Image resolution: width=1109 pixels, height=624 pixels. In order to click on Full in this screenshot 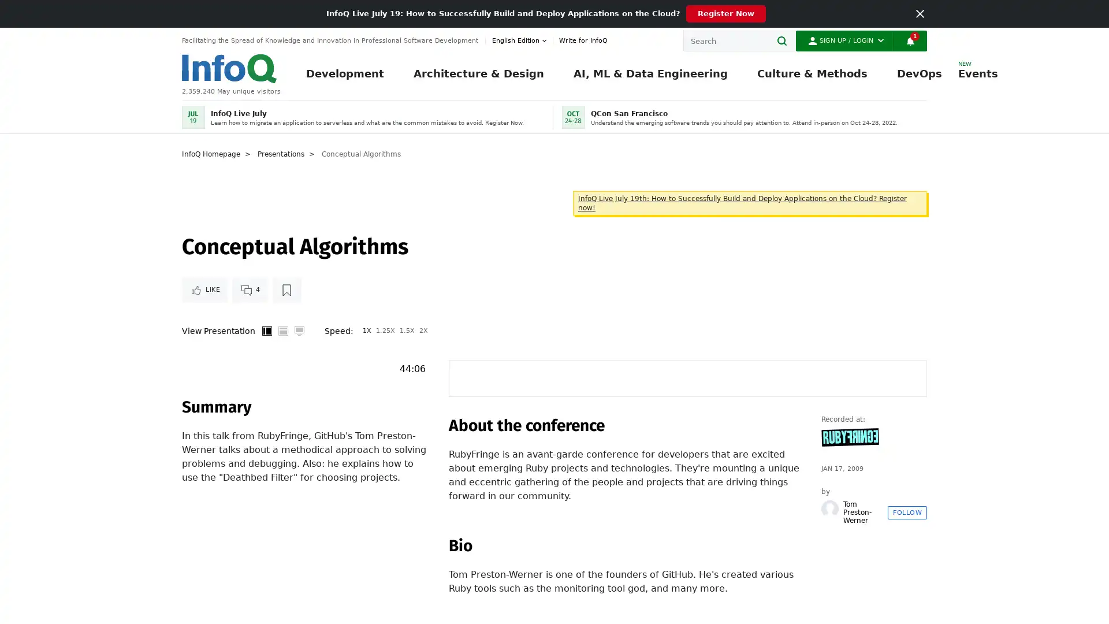, I will do `click(299, 331)`.